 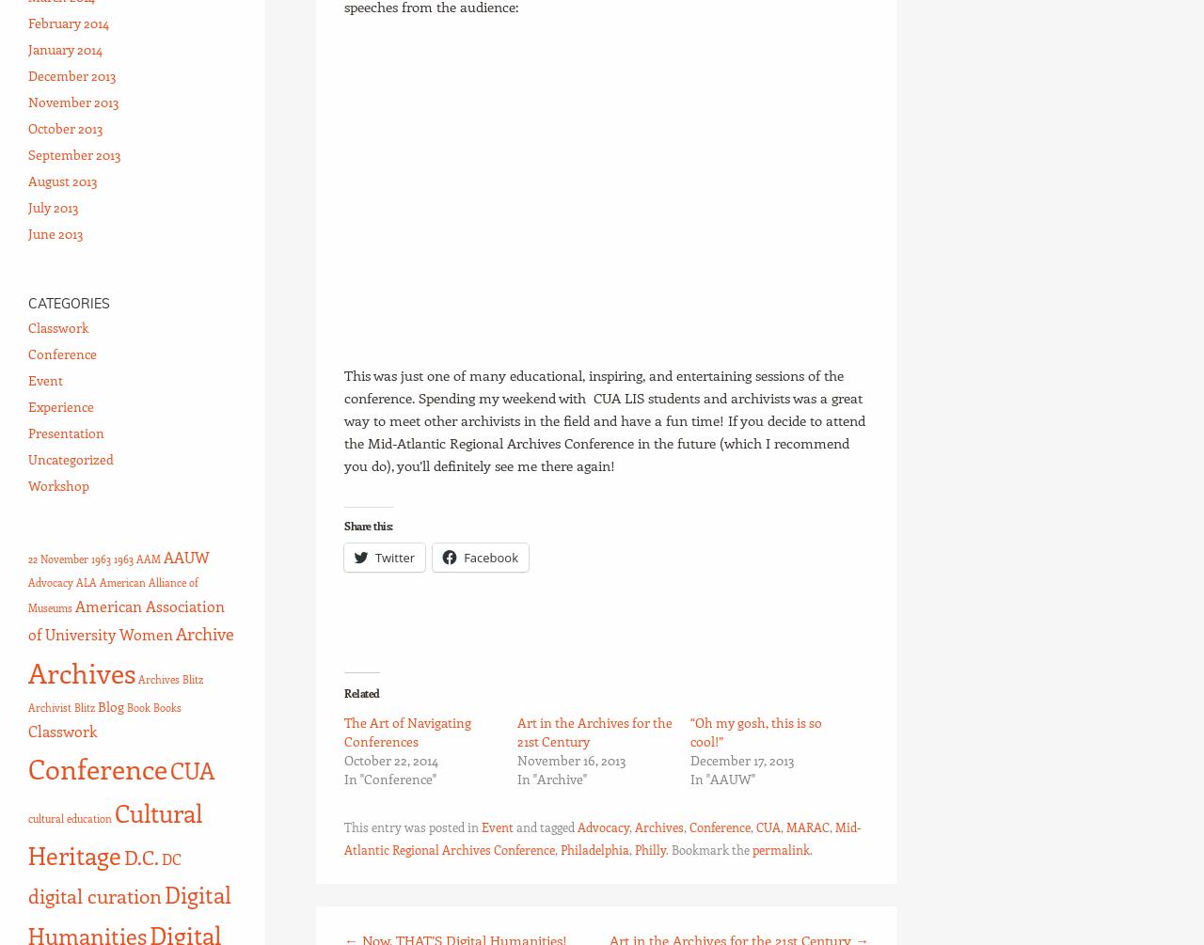 What do you see at coordinates (62, 180) in the screenshot?
I see `'August 2013'` at bounding box center [62, 180].